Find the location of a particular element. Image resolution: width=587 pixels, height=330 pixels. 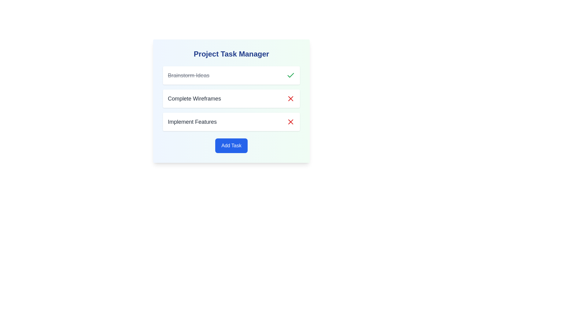

the button in the first task row labeled 'Brainstorm Ideas' is located at coordinates (290, 75).